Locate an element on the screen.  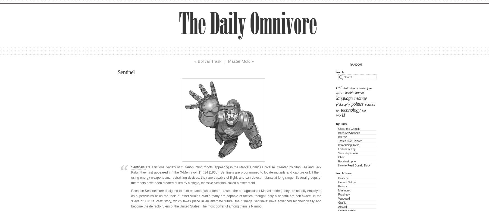
'Drugs' is located at coordinates (350, 88).